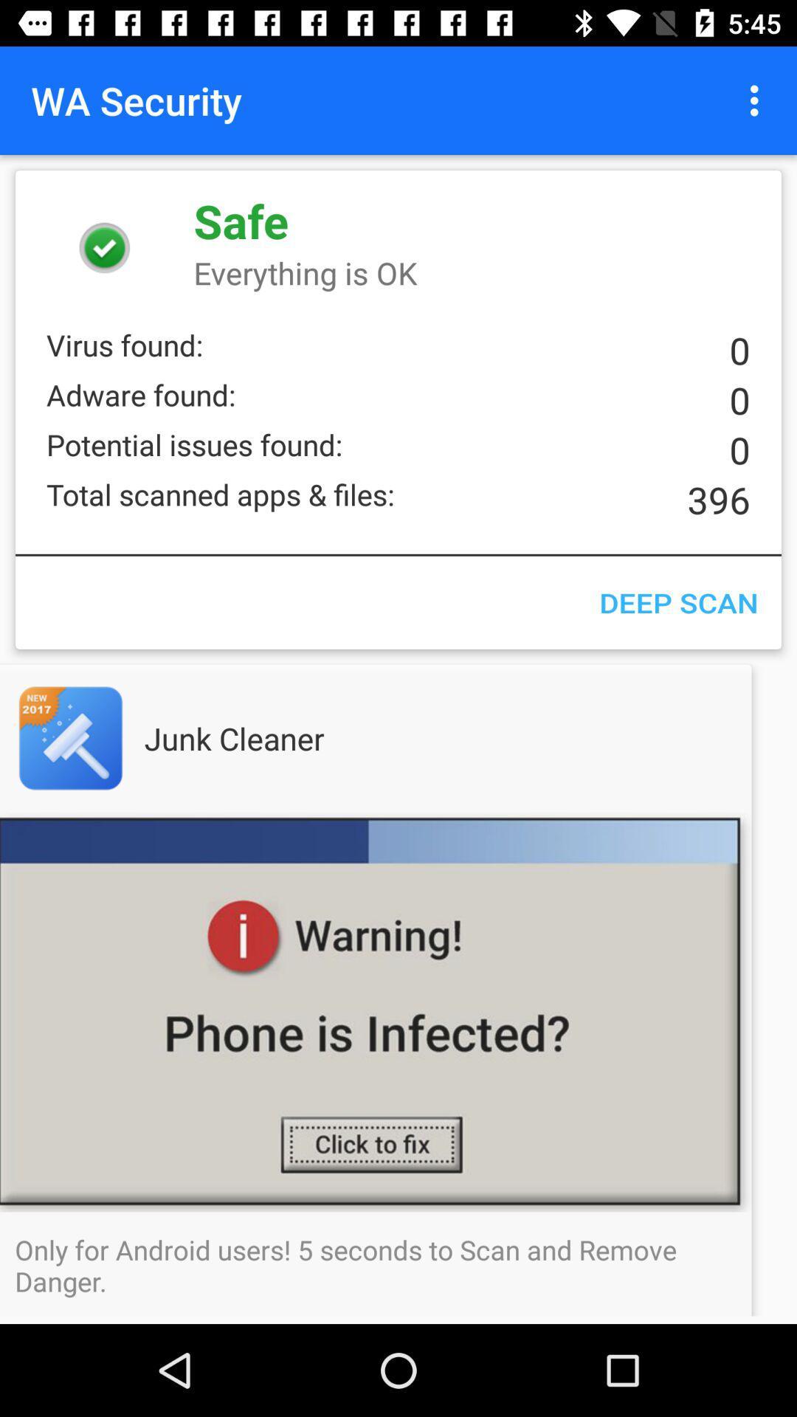  I want to click on only for android item, so click(398, 1264).